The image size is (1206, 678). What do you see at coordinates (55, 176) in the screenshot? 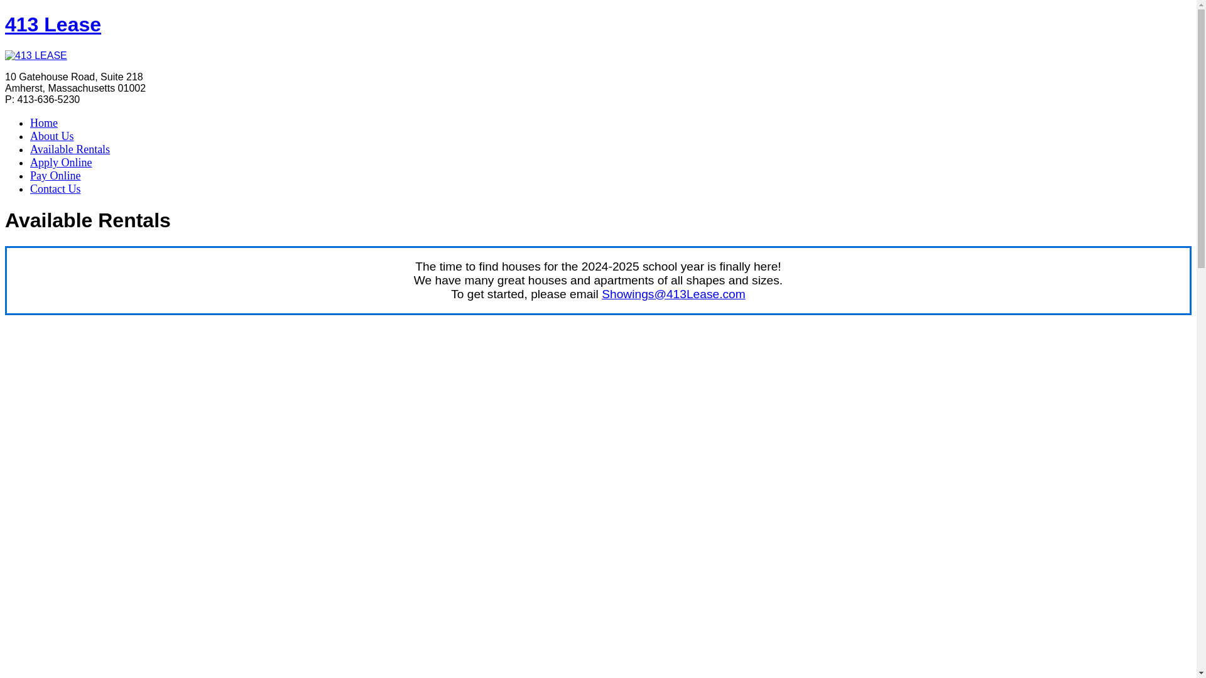
I see `'Pay Online'` at bounding box center [55, 176].